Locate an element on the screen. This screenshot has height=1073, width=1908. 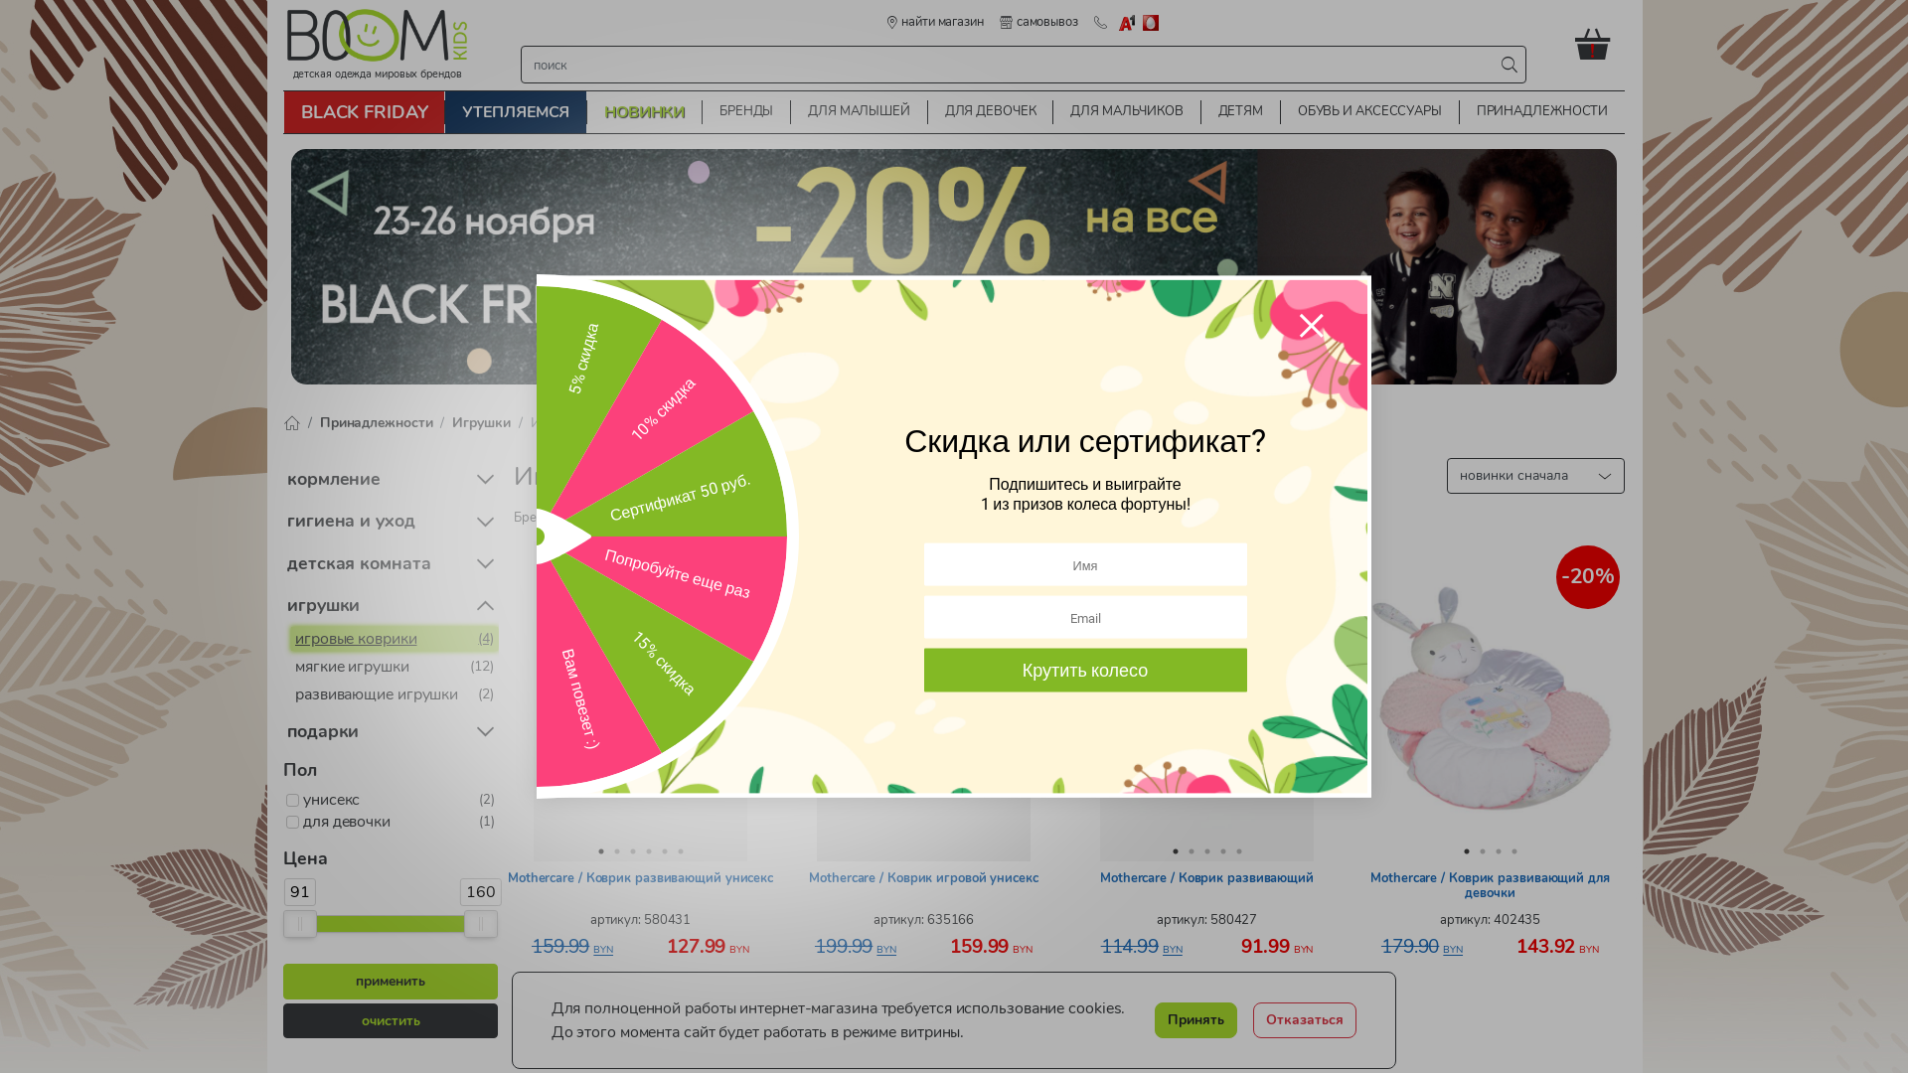
'6' is located at coordinates (680, 849).